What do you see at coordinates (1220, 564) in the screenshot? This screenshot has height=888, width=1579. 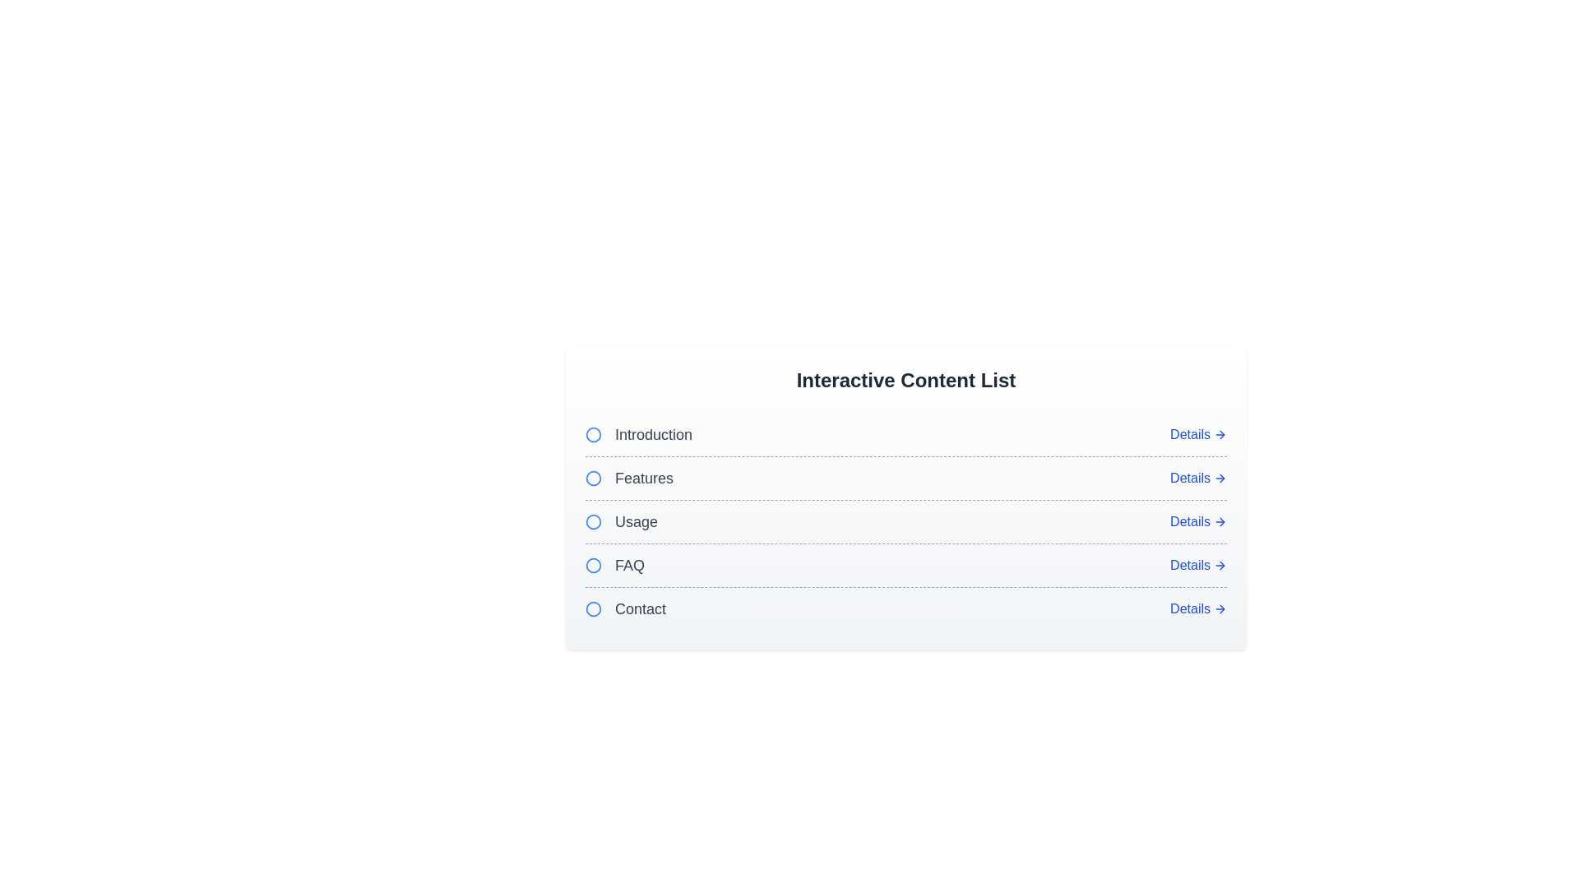 I see `the right-facing blue arrow icon adjacent to the 'Details' text, located in the fourth row labeled 'FAQ'` at bounding box center [1220, 564].